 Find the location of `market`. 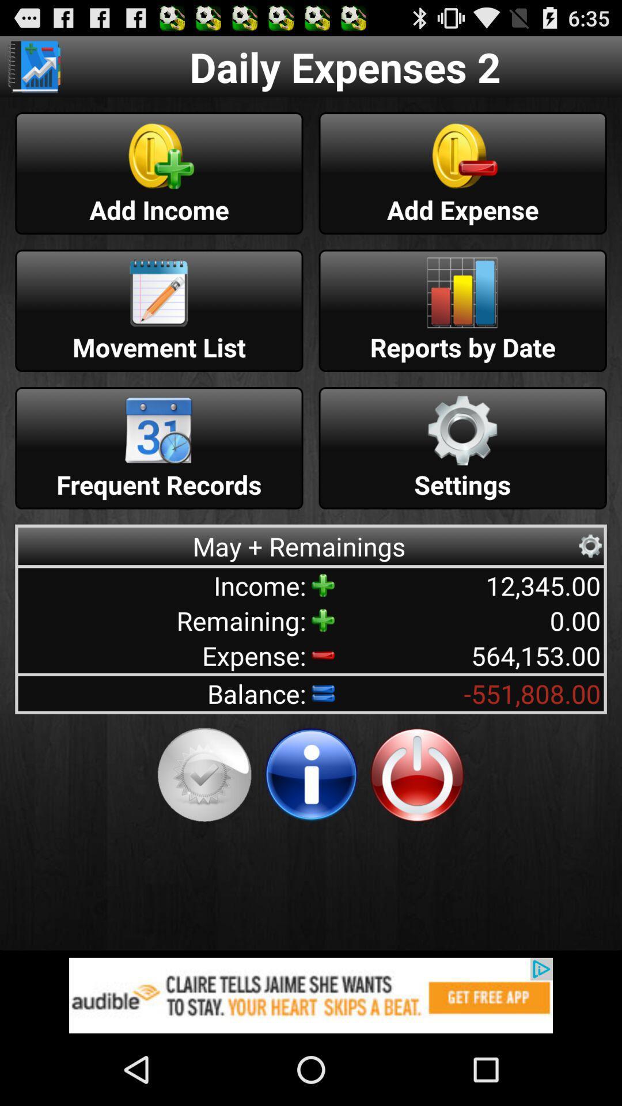

market is located at coordinates (33, 66).